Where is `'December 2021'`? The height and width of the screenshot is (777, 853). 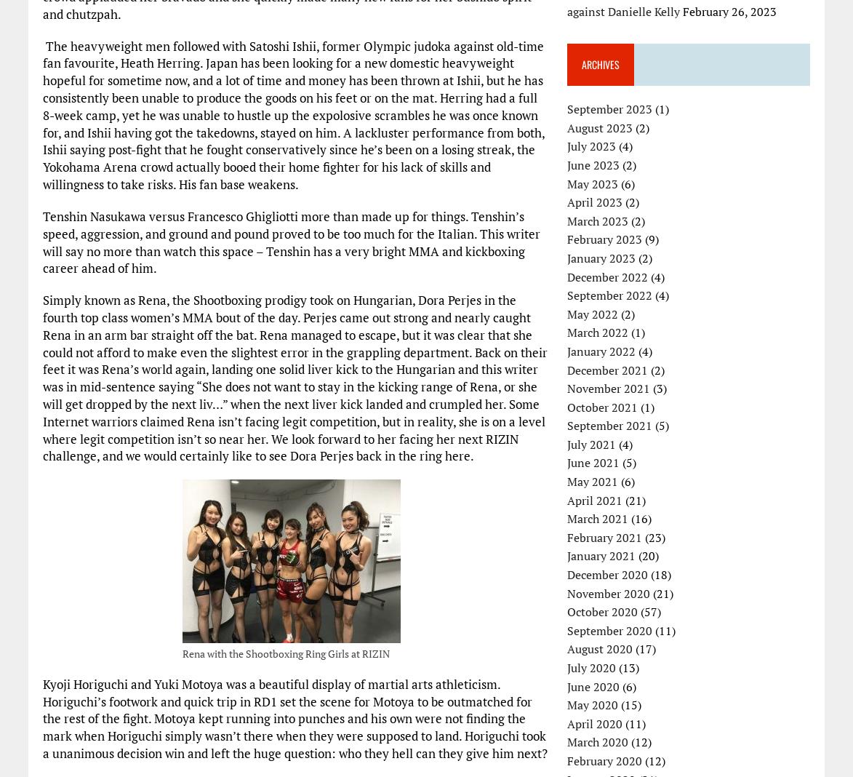 'December 2021' is located at coordinates (607, 370).